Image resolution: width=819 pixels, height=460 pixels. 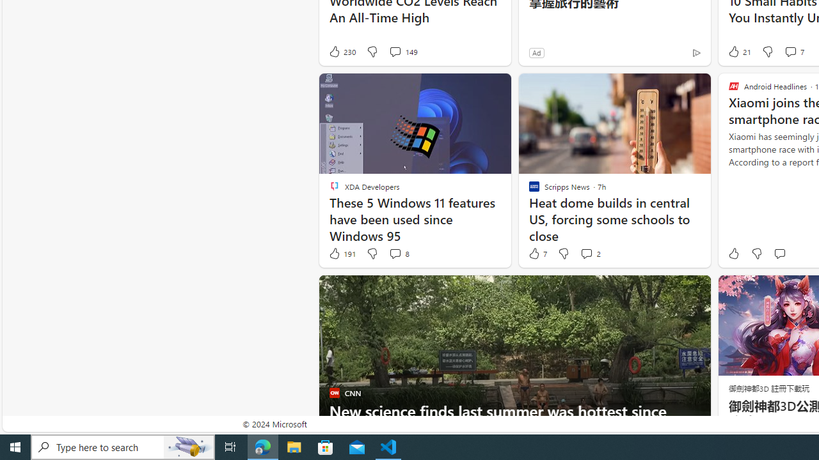 I want to click on '191 Like', so click(x=342, y=254).